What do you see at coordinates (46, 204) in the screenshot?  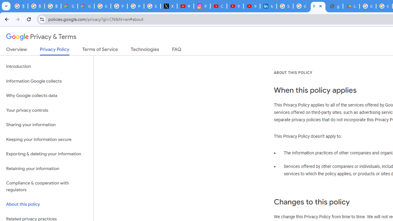 I see `'About this policy'` at bounding box center [46, 204].